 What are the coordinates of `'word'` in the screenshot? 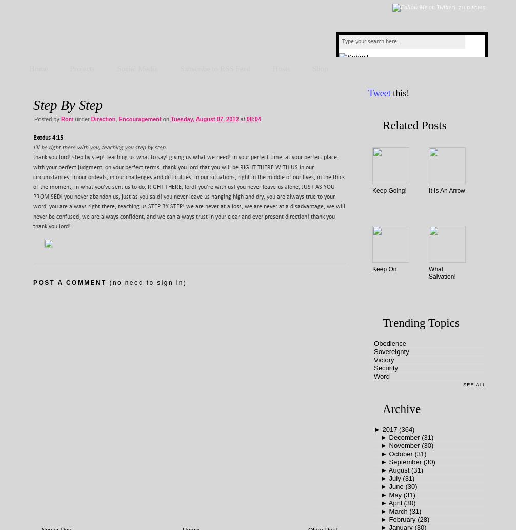 It's located at (382, 376).